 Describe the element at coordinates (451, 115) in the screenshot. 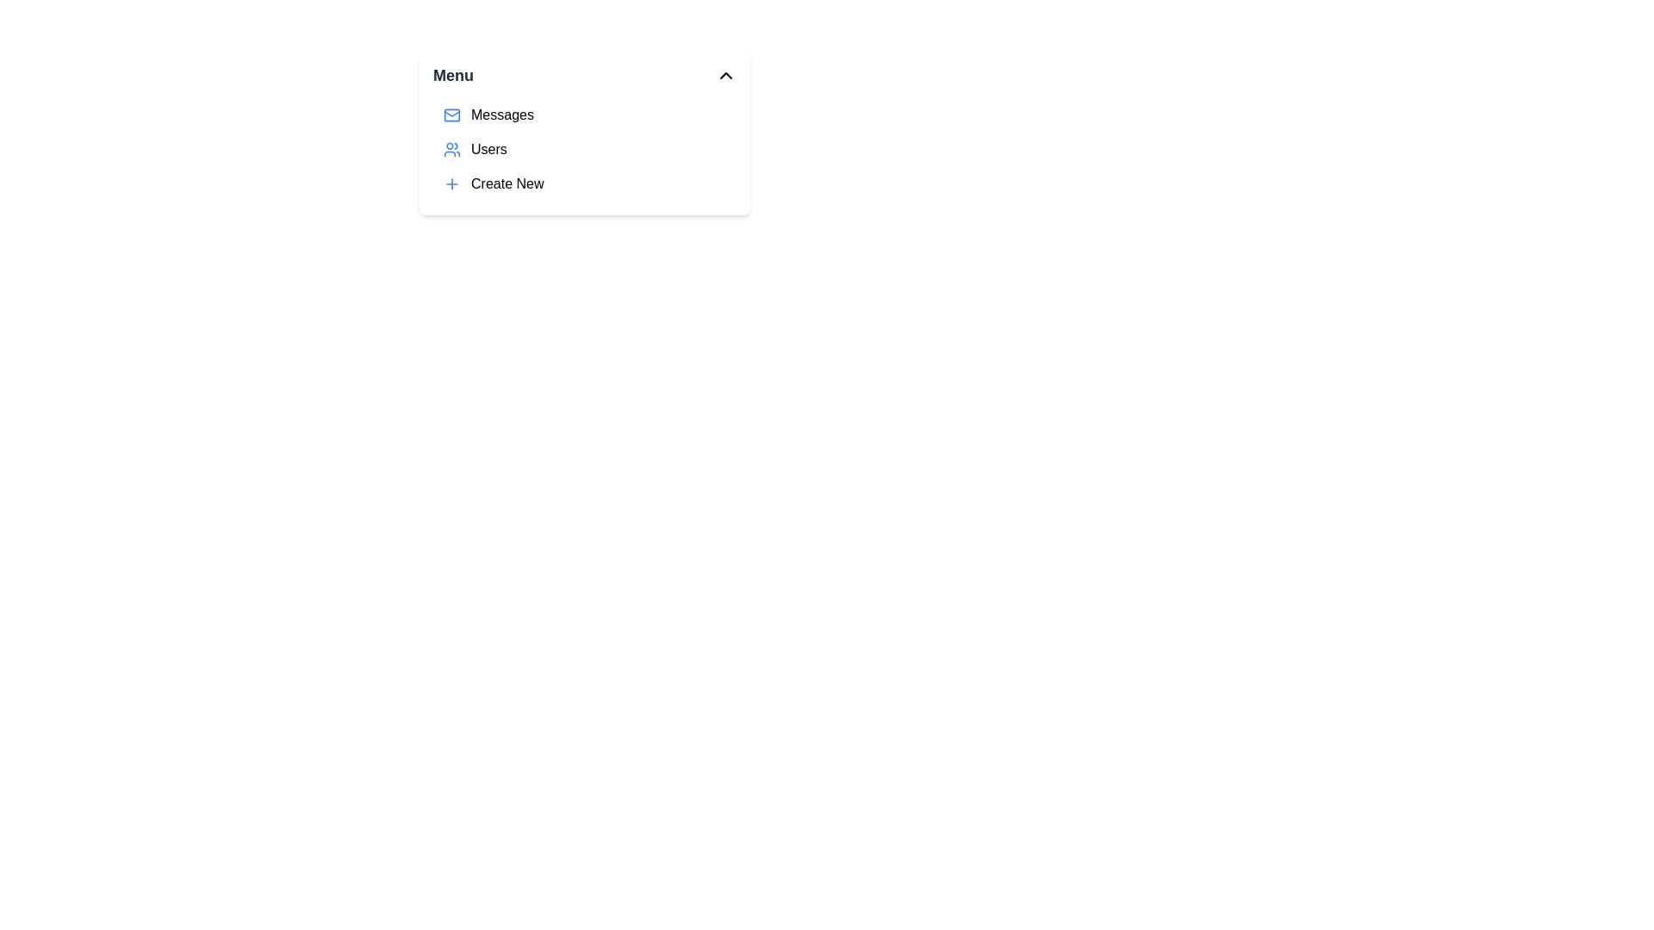

I see `the blue envelope icon representing the mail icon, which is positioned to the left of the 'Messages' text in the menu` at that location.